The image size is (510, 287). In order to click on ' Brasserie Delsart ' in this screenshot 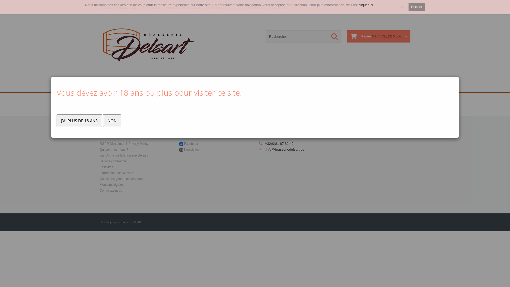, I will do `click(150, 44)`.